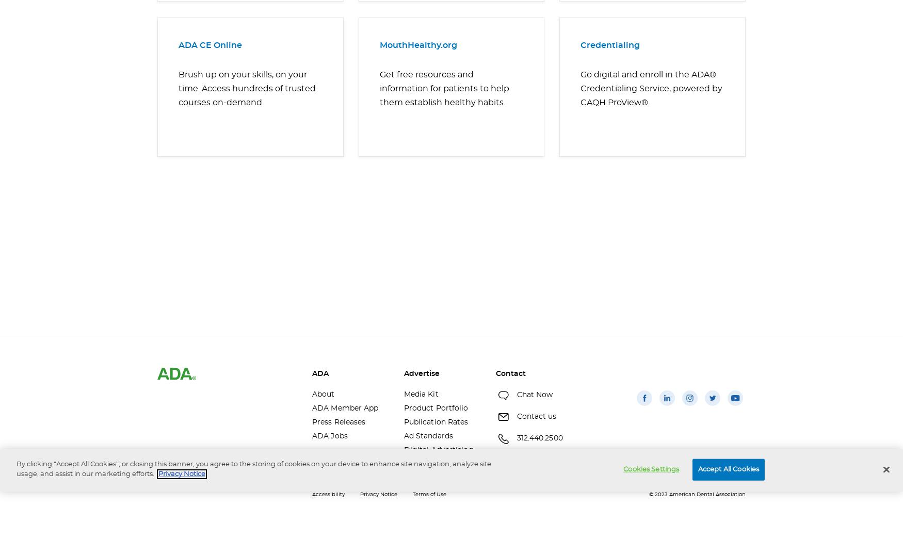 Image resolution: width=903 pixels, height=540 pixels. What do you see at coordinates (580, 45) in the screenshot?
I see `'Credentialing'` at bounding box center [580, 45].